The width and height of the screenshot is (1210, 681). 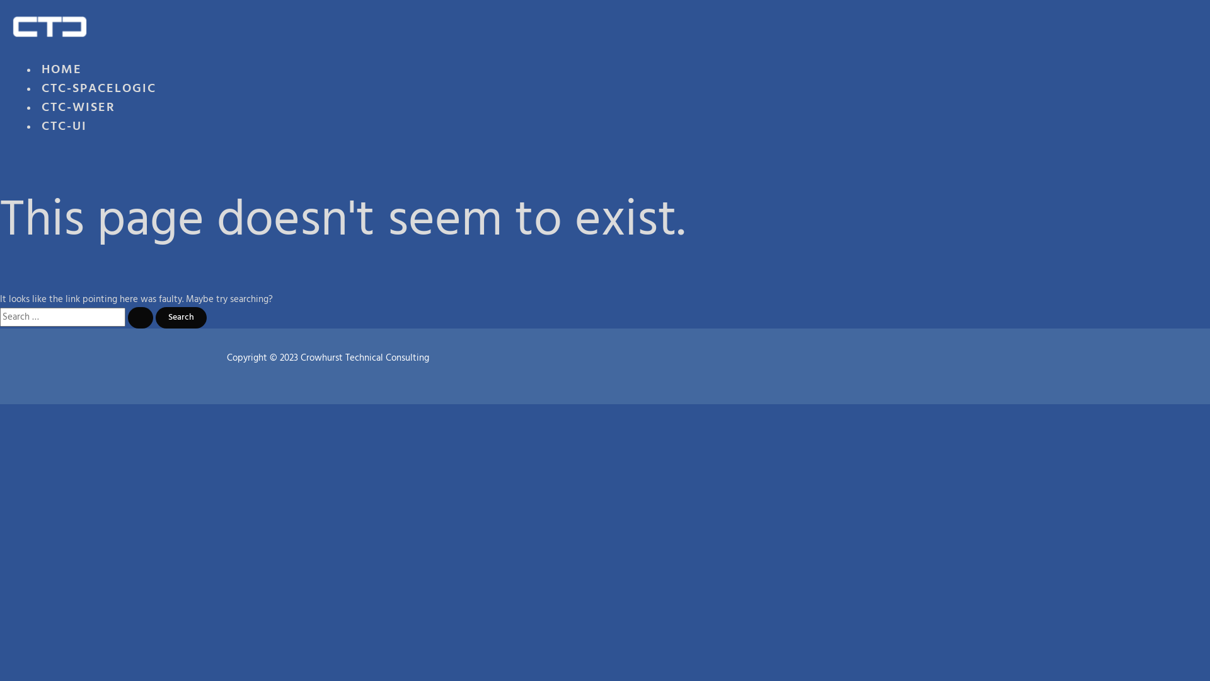 What do you see at coordinates (78, 111) in the screenshot?
I see `'CTC-WISER'` at bounding box center [78, 111].